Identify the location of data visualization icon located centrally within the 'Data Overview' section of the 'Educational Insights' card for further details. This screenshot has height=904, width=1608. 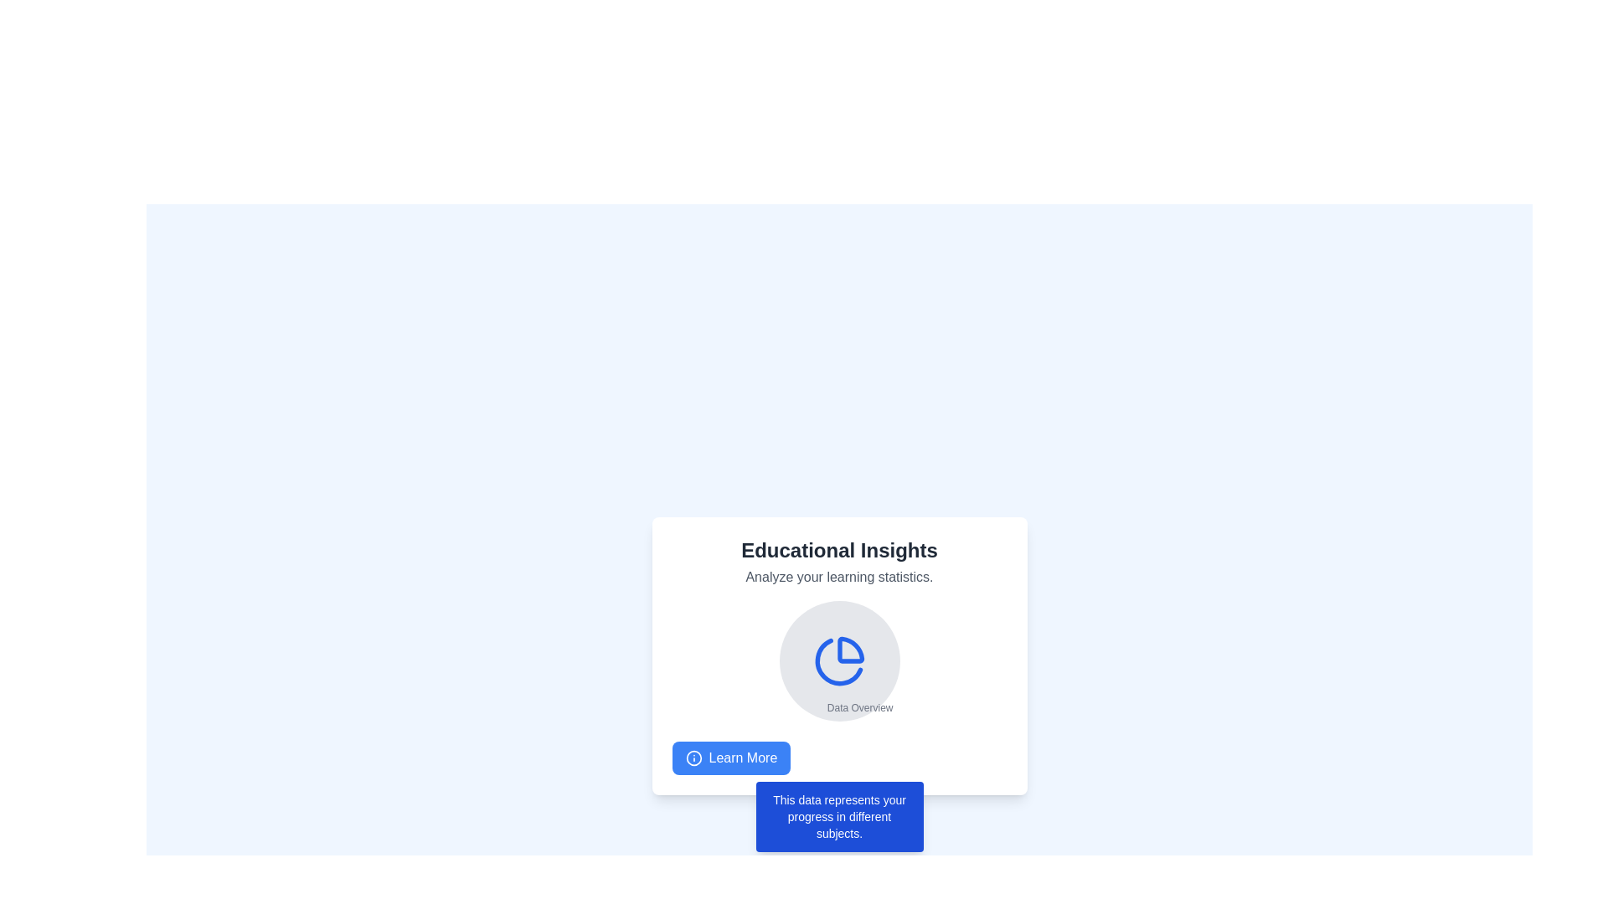
(839, 660).